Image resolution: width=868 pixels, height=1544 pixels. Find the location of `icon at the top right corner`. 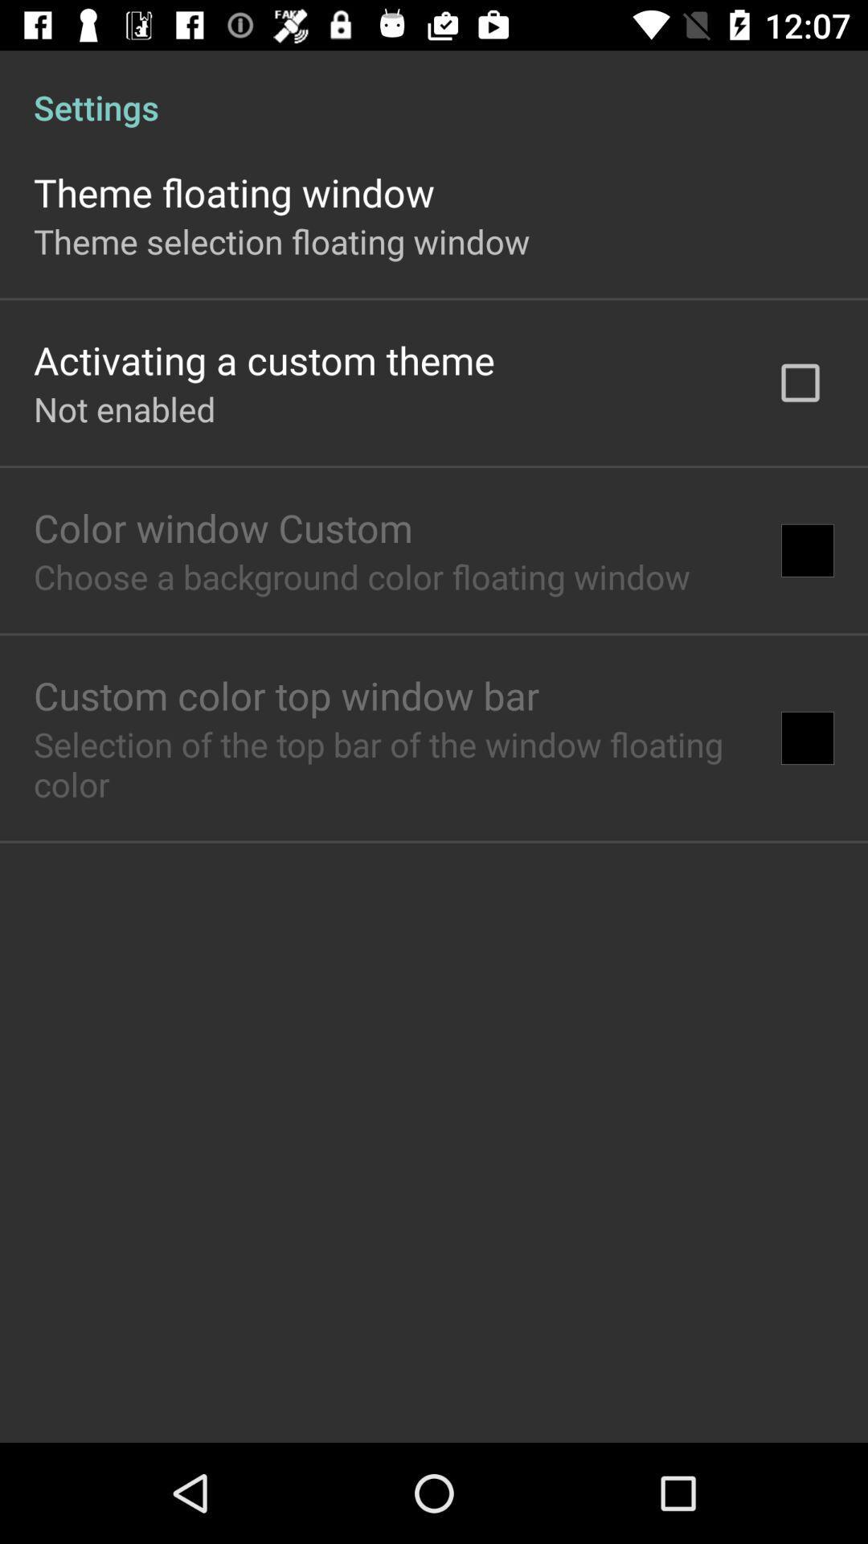

icon at the top right corner is located at coordinates (800, 382).